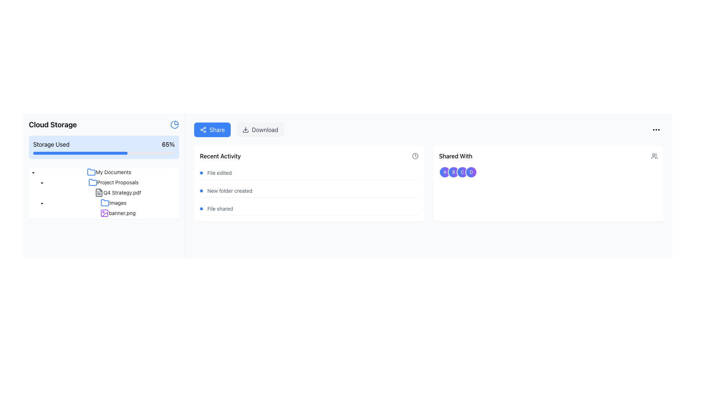 This screenshot has width=702, height=395. I want to click on the small downward-pointing arrow icon, so click(42, 182).